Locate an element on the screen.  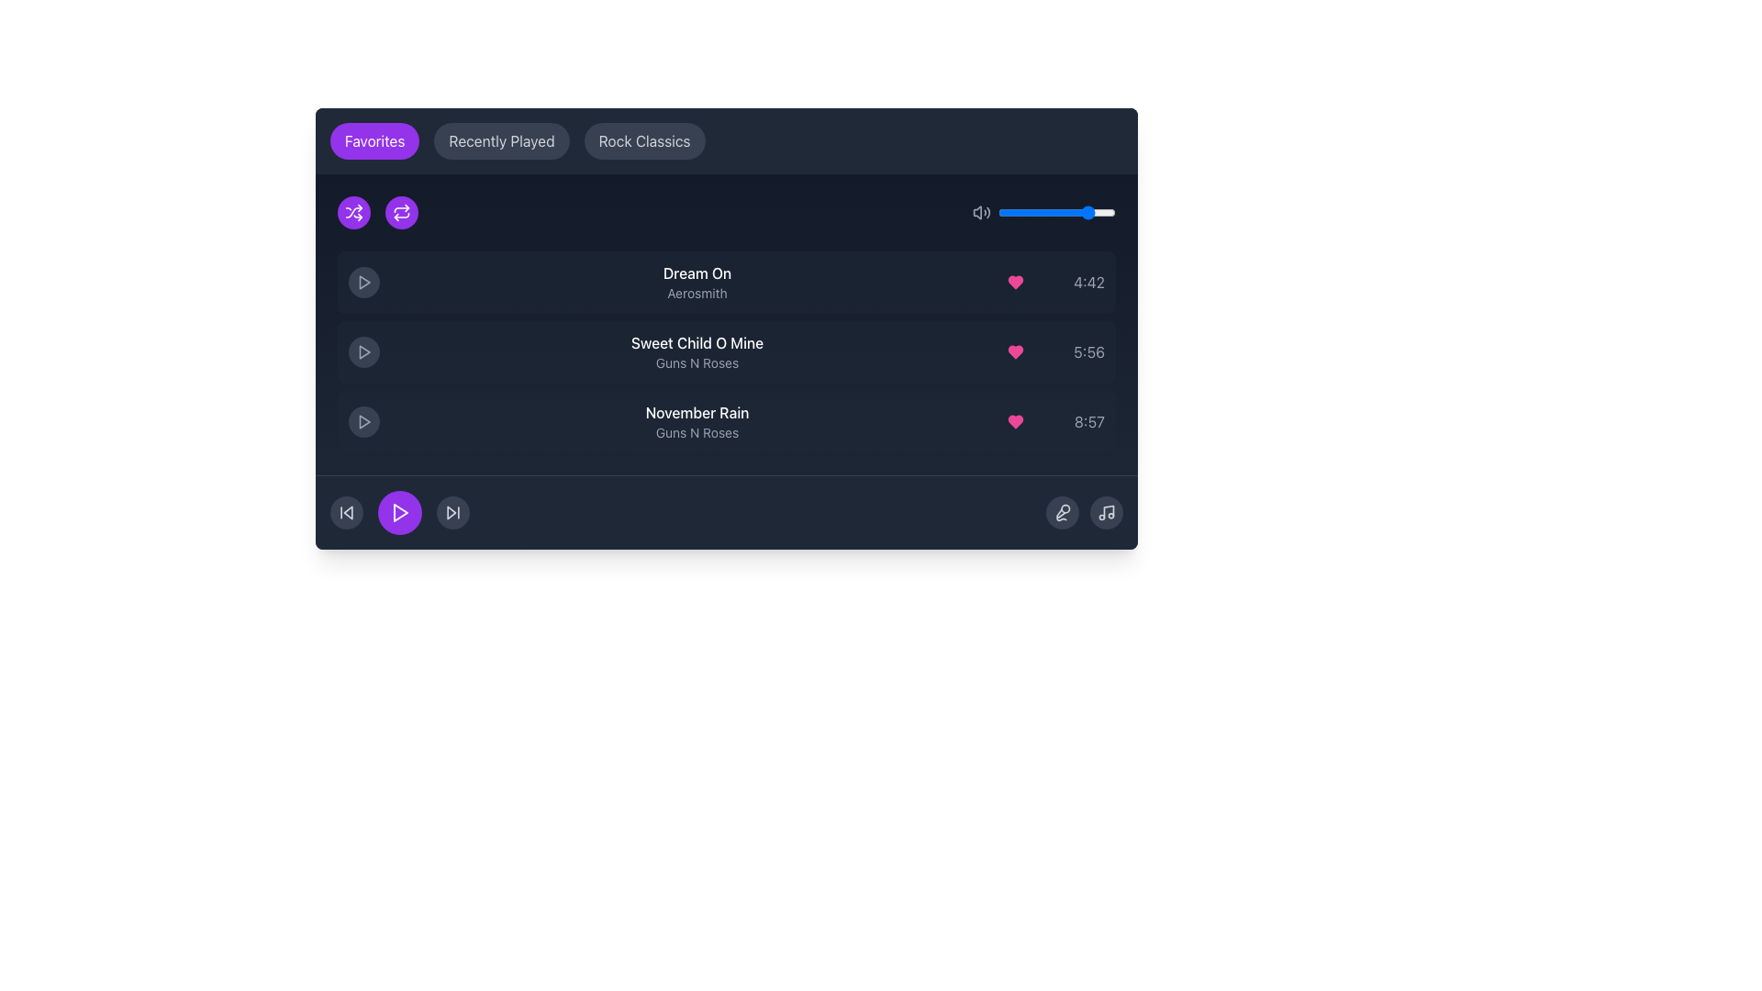
the volume is located at coordinates (1093, 211).